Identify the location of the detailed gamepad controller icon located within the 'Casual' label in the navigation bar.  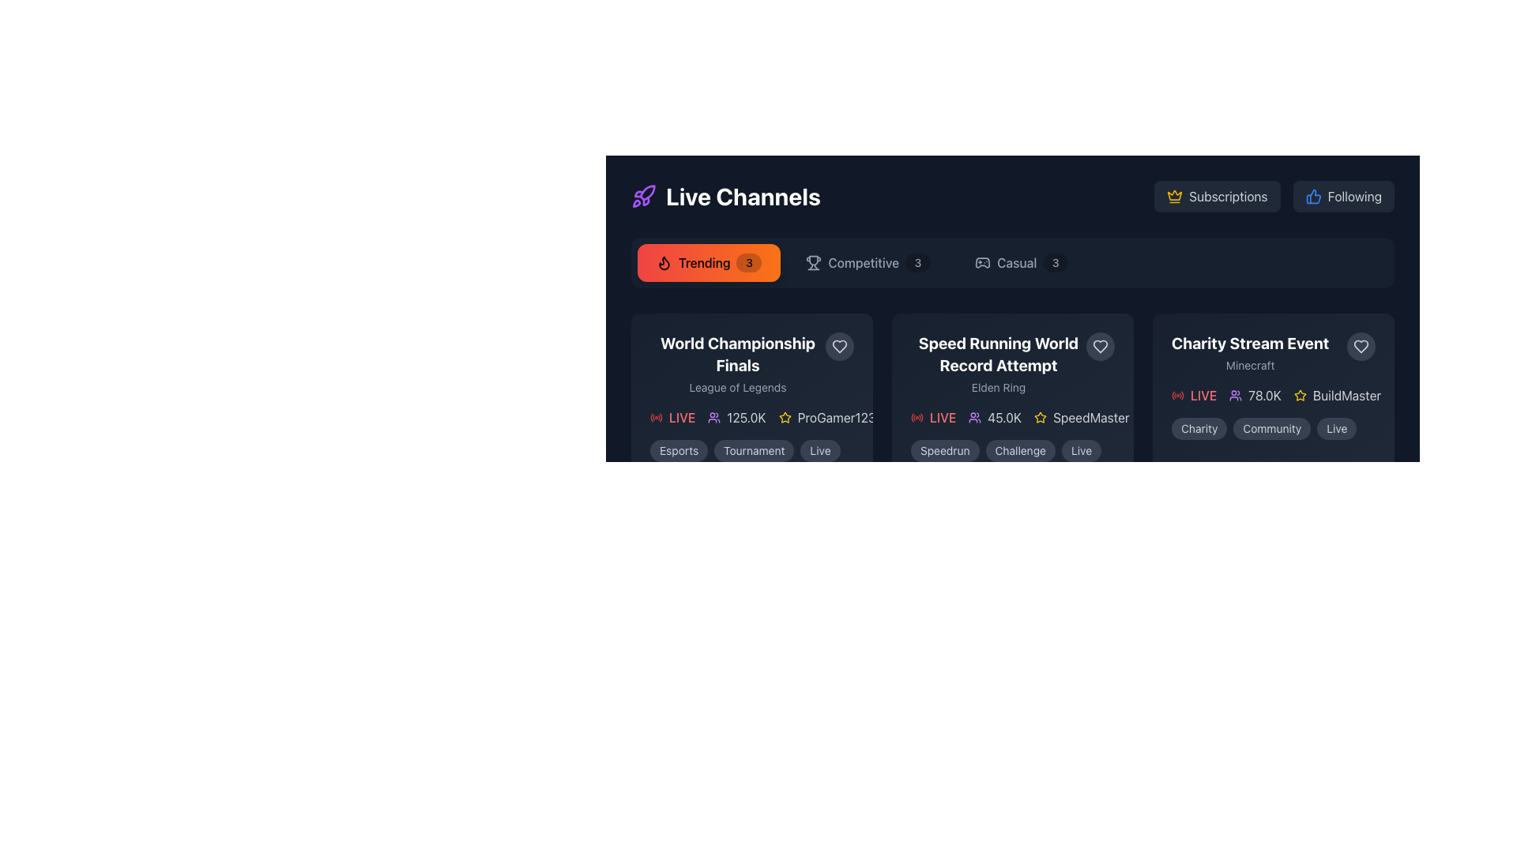
(981, 261).